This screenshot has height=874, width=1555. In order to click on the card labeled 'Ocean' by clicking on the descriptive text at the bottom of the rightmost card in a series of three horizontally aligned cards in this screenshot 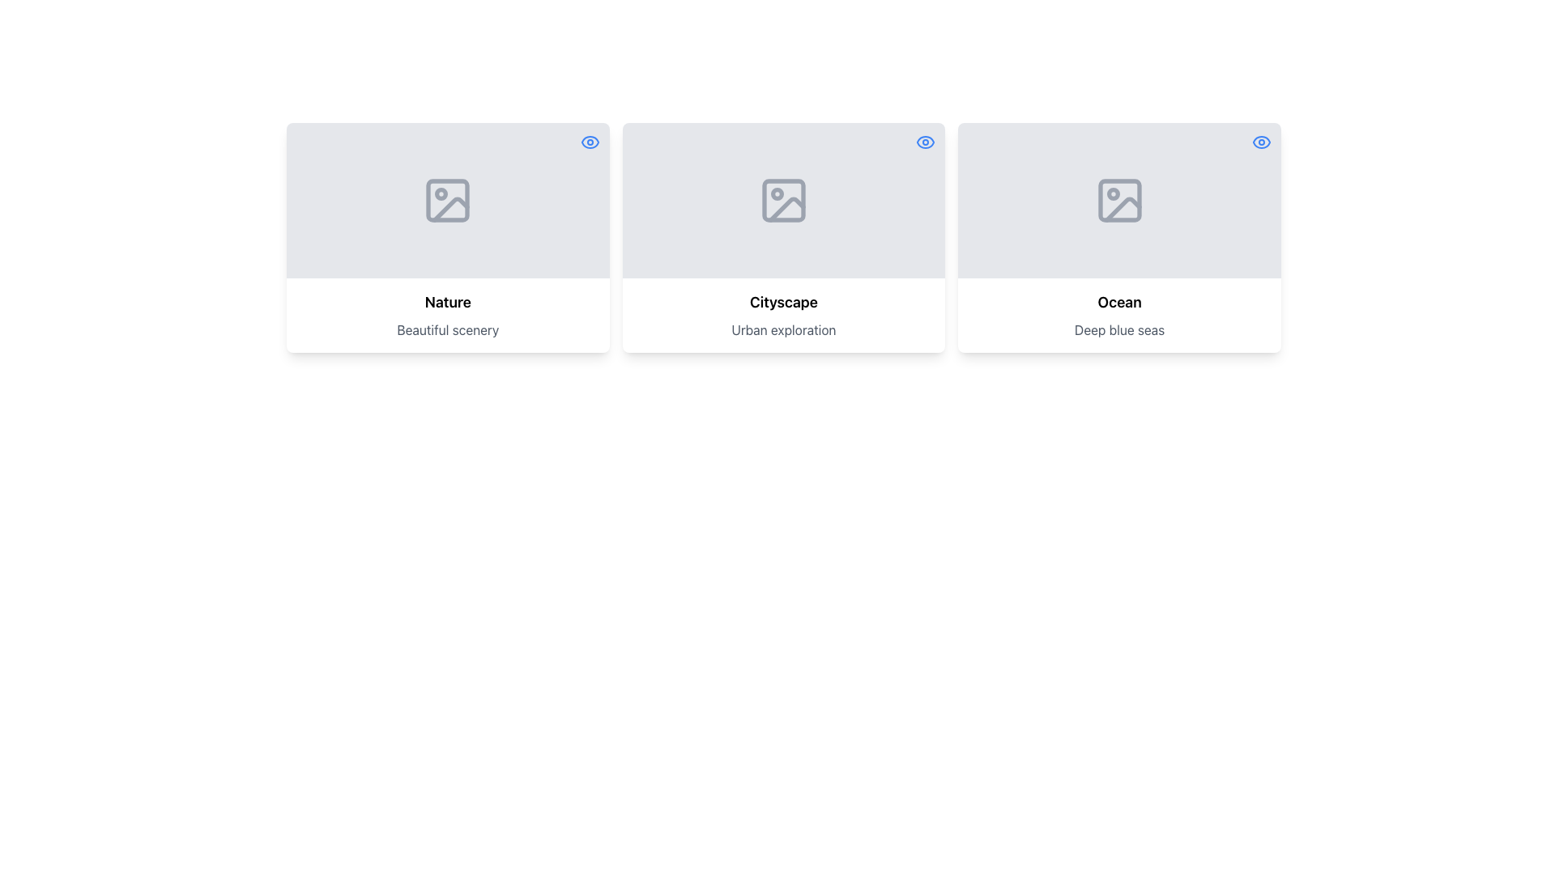, I will do `click(1118, 315)`.